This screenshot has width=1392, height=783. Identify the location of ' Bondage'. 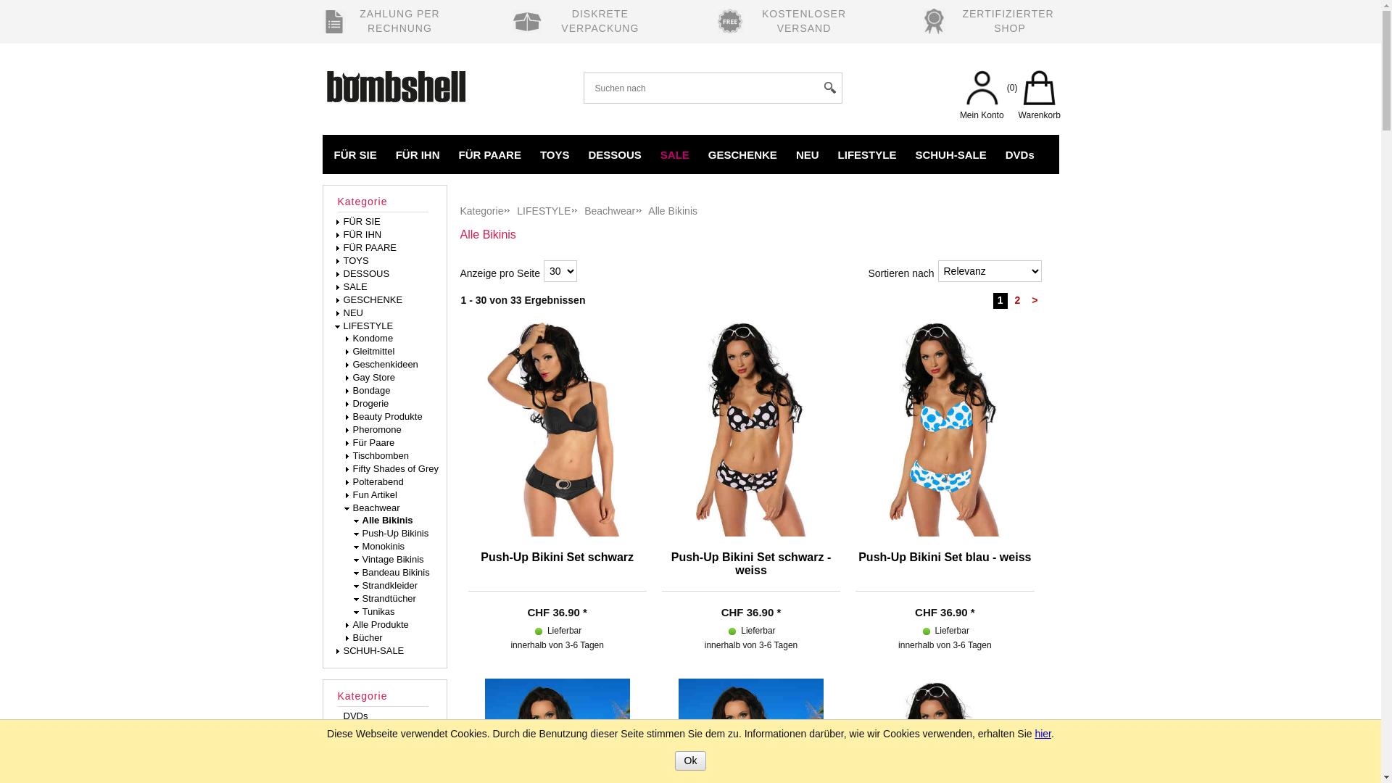
(372, 389).